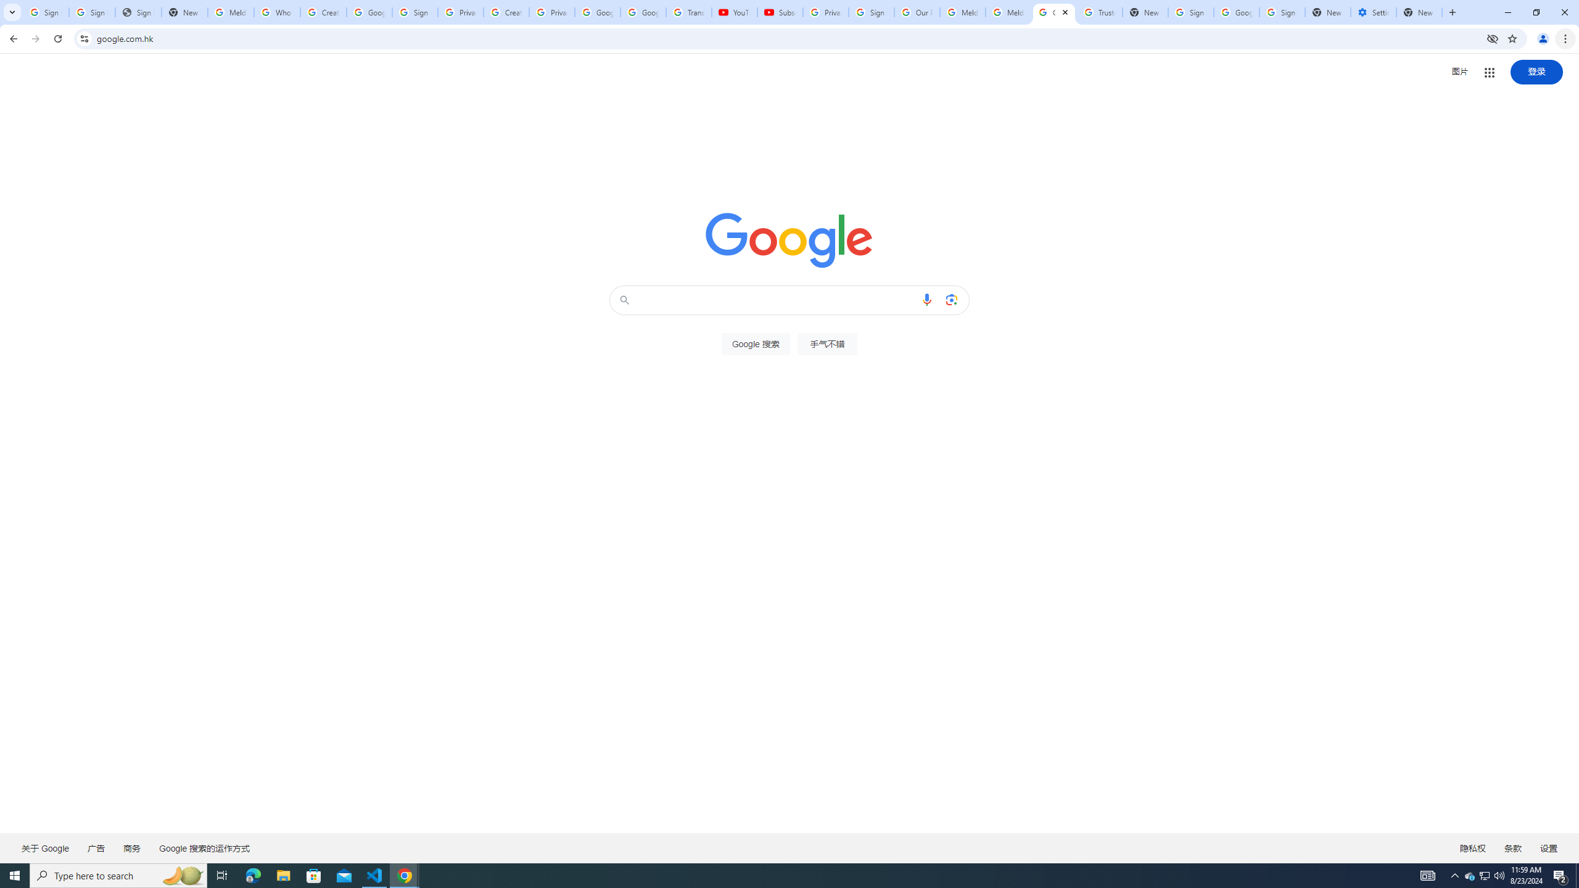 This screenshot has height=888, width=1579. I want to click on 'Subscriptions - YouTube', so click(779, 12).